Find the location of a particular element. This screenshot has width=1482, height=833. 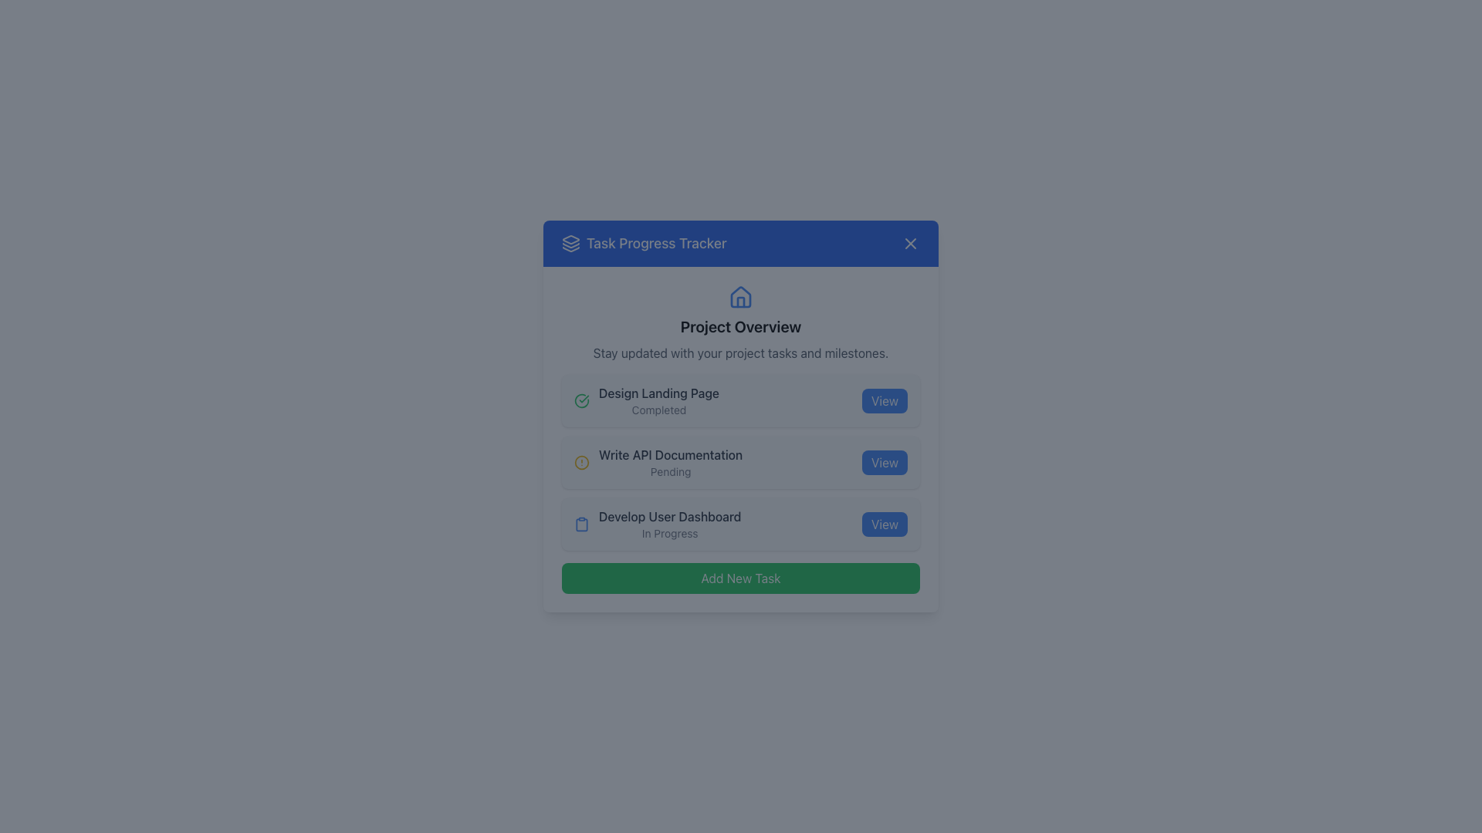

the Decorative SVG subcomponent, which is a vertical rectangle shape located at the bottom of a house-like icon centered above the 'Project Overview' header is located at coordinates (741, 302).